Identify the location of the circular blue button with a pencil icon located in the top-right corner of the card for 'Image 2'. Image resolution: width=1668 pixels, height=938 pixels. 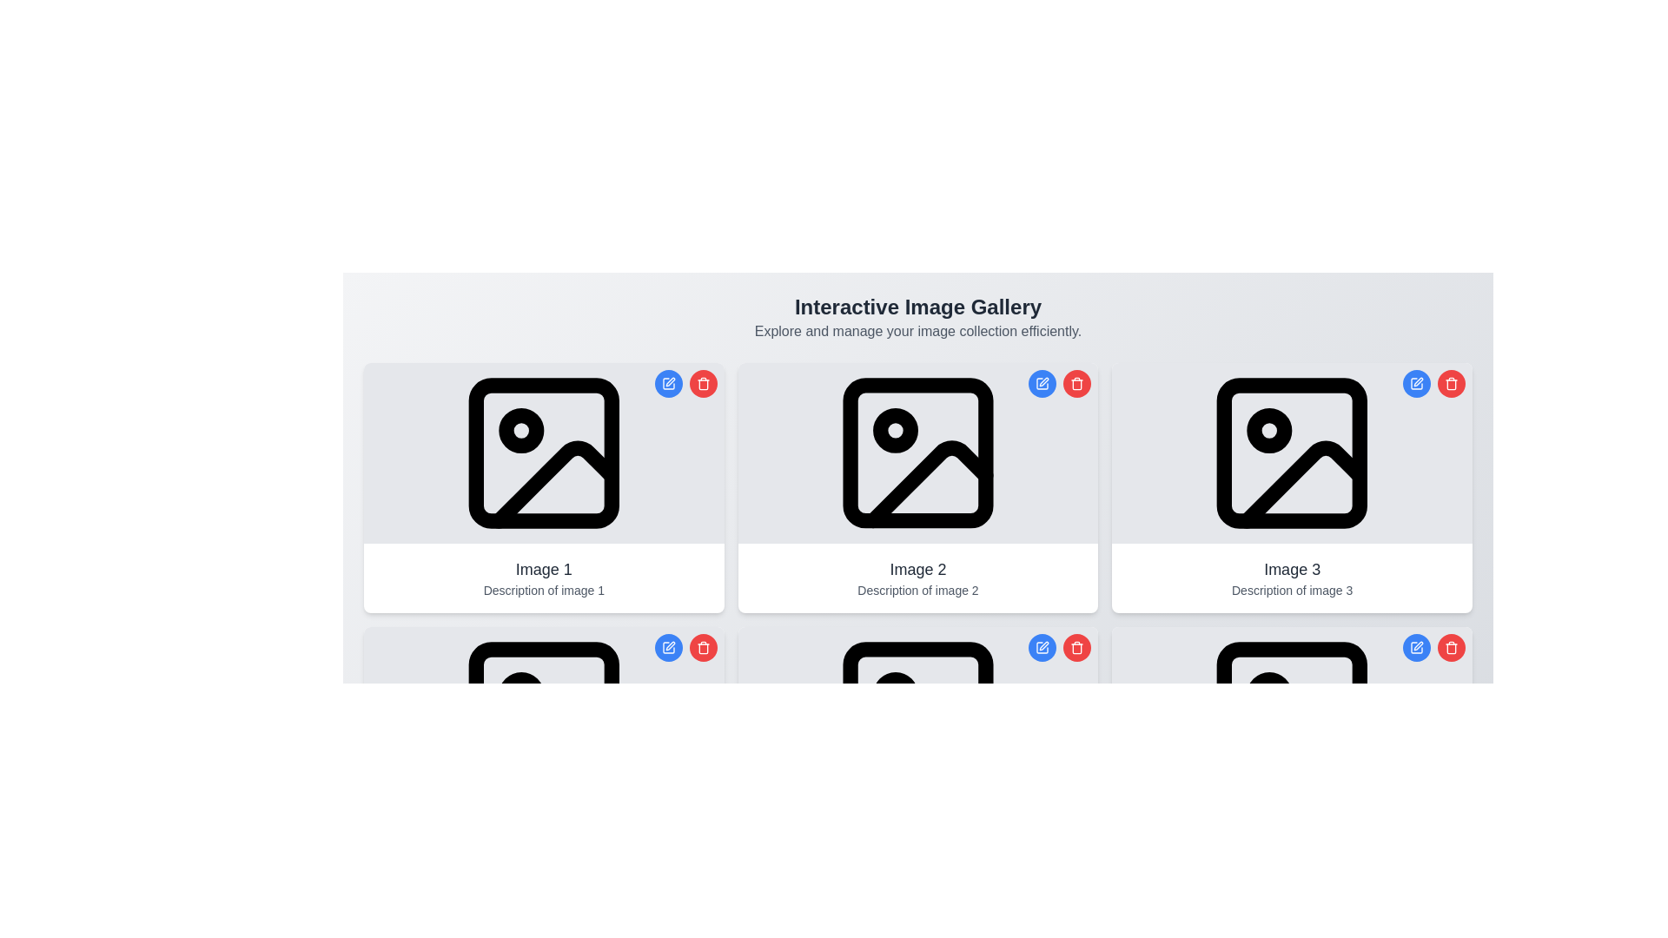
(1042, 383).